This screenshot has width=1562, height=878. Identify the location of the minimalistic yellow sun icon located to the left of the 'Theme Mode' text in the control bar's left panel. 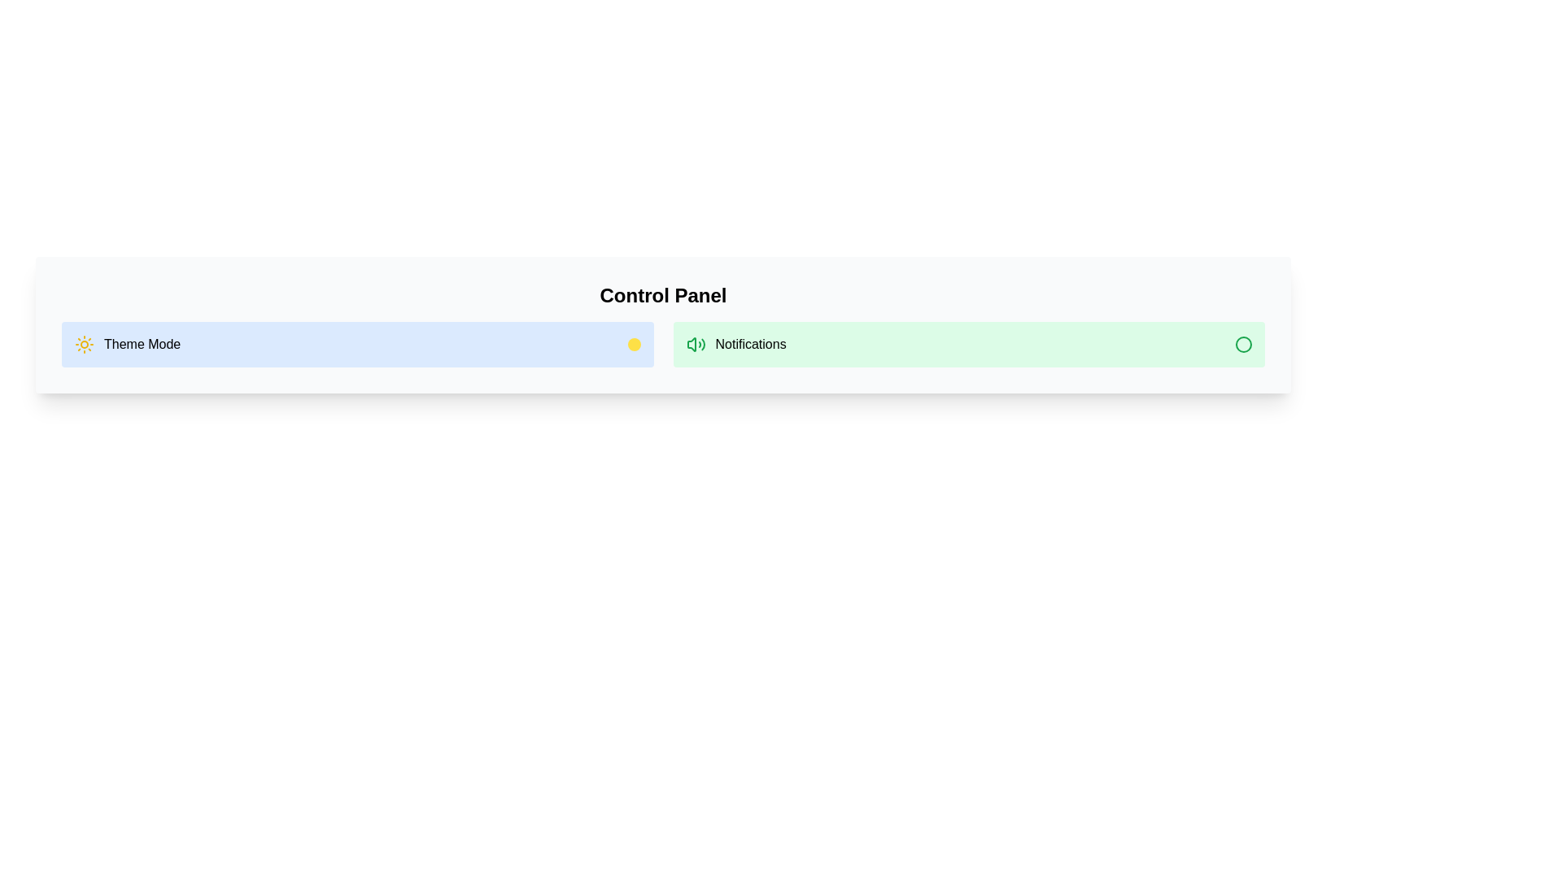
(84, 344).